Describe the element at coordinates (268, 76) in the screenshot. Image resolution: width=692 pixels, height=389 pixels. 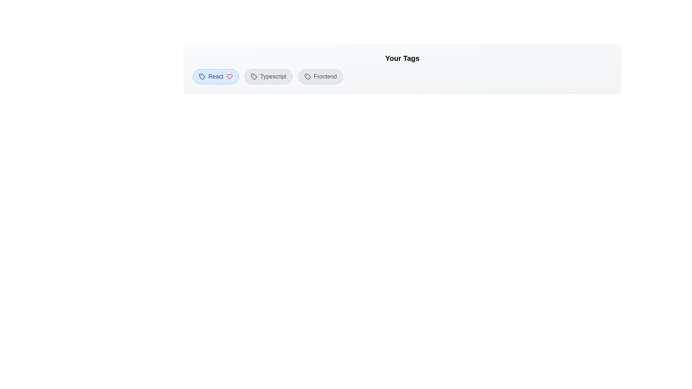
I see `the tag named Typescript` at that location.